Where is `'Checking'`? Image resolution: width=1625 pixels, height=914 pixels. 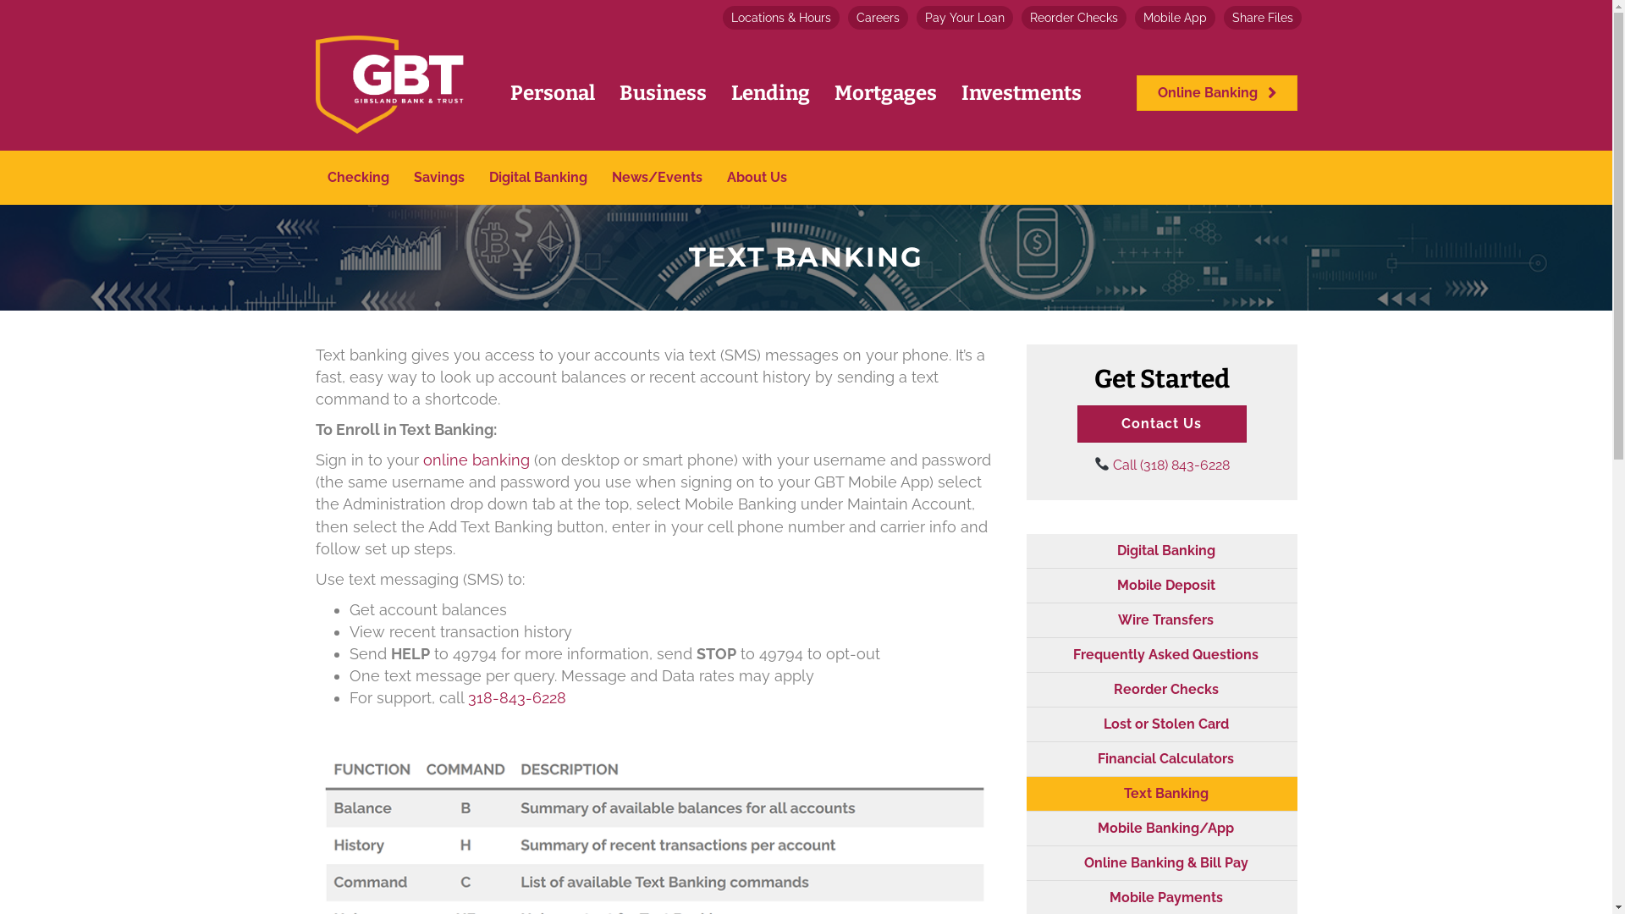 'Checking' is located at coordinates (356, 177).